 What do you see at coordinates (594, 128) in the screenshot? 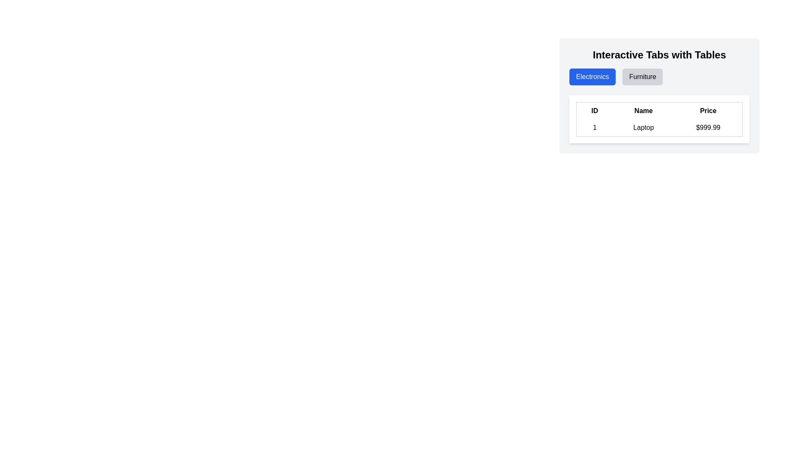
I see `the text label '1' in the 'ID' column of the table under the 'Interactive Tabs with Tables' header` at bounding box center [594, 128].